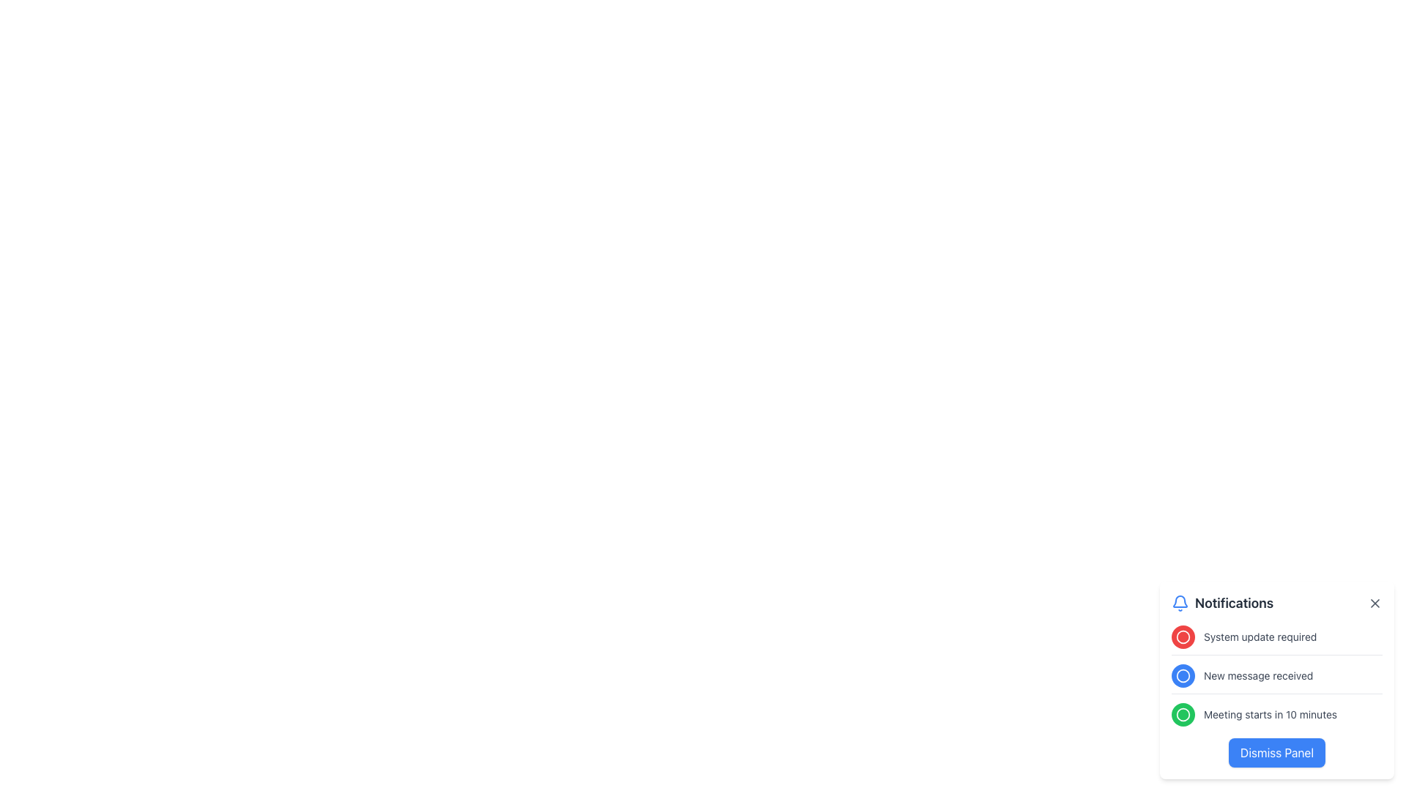 This screenshot has width=1406, height=791. I want to click on notification details for the third notification entry that states 'Meeting starts in 10 minutes', which is visually represented with a green circular icon and dark gray text, so click(1276, 713).